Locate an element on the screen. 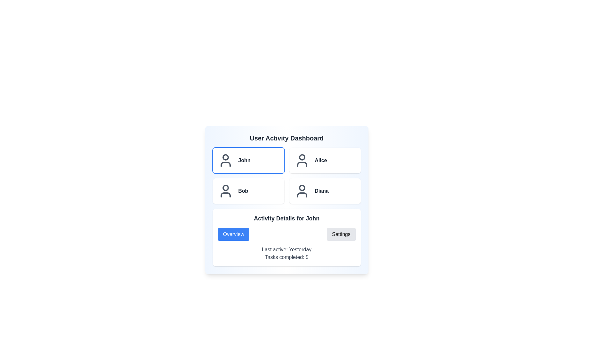 Image resolution: width=612 pixels, height=344 pixels. the Text label that identifies the user in the 'User Activity Dashboard', located in the upper-left quadrant, to the right of an icon is located at coordinates (244, 160).